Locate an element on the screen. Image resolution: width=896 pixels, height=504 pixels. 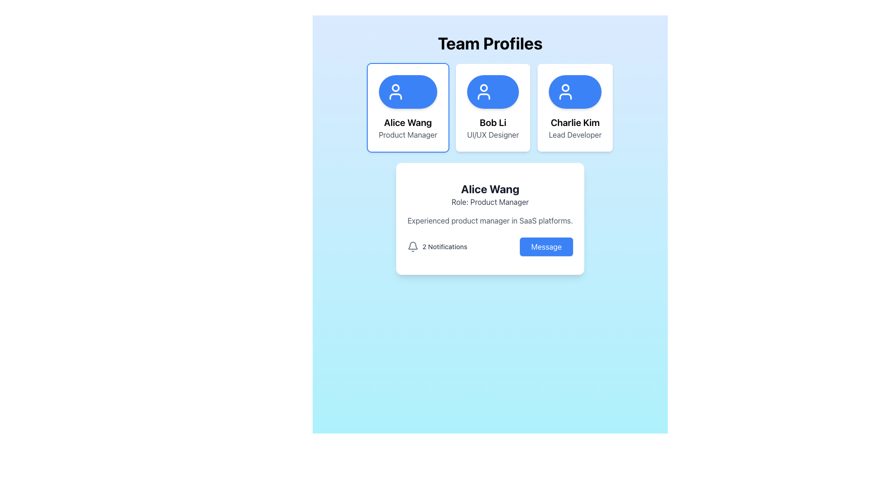
the user avatar icon located centrally within the blue button of the card labeled 'Alice Wang - Product Manager' under the 'Team Profiles' heading is located at coordinates (395, 91).